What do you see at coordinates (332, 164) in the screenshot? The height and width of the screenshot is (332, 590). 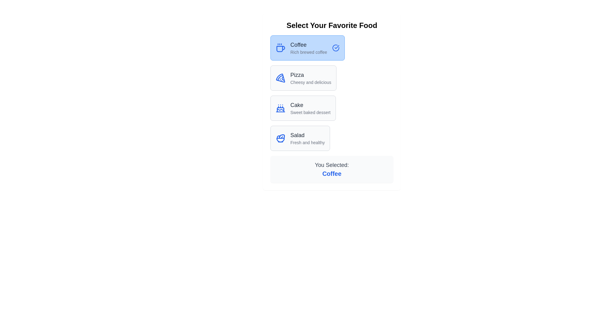 I see `the text label displaying 'You Selected:' which is styled in dark gray color and located in a light gray box, positioned at the center-bottom of the interface` at bounding box center [332, 164].